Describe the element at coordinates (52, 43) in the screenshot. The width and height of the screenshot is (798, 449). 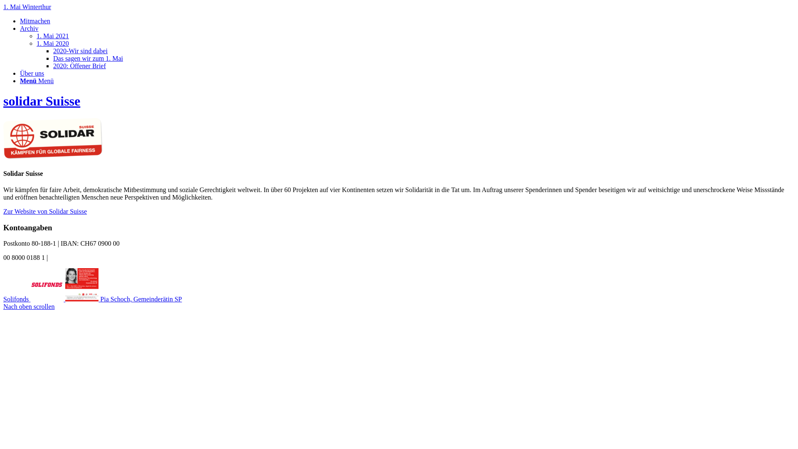
I see `'1. Mai 2020'` at that location.